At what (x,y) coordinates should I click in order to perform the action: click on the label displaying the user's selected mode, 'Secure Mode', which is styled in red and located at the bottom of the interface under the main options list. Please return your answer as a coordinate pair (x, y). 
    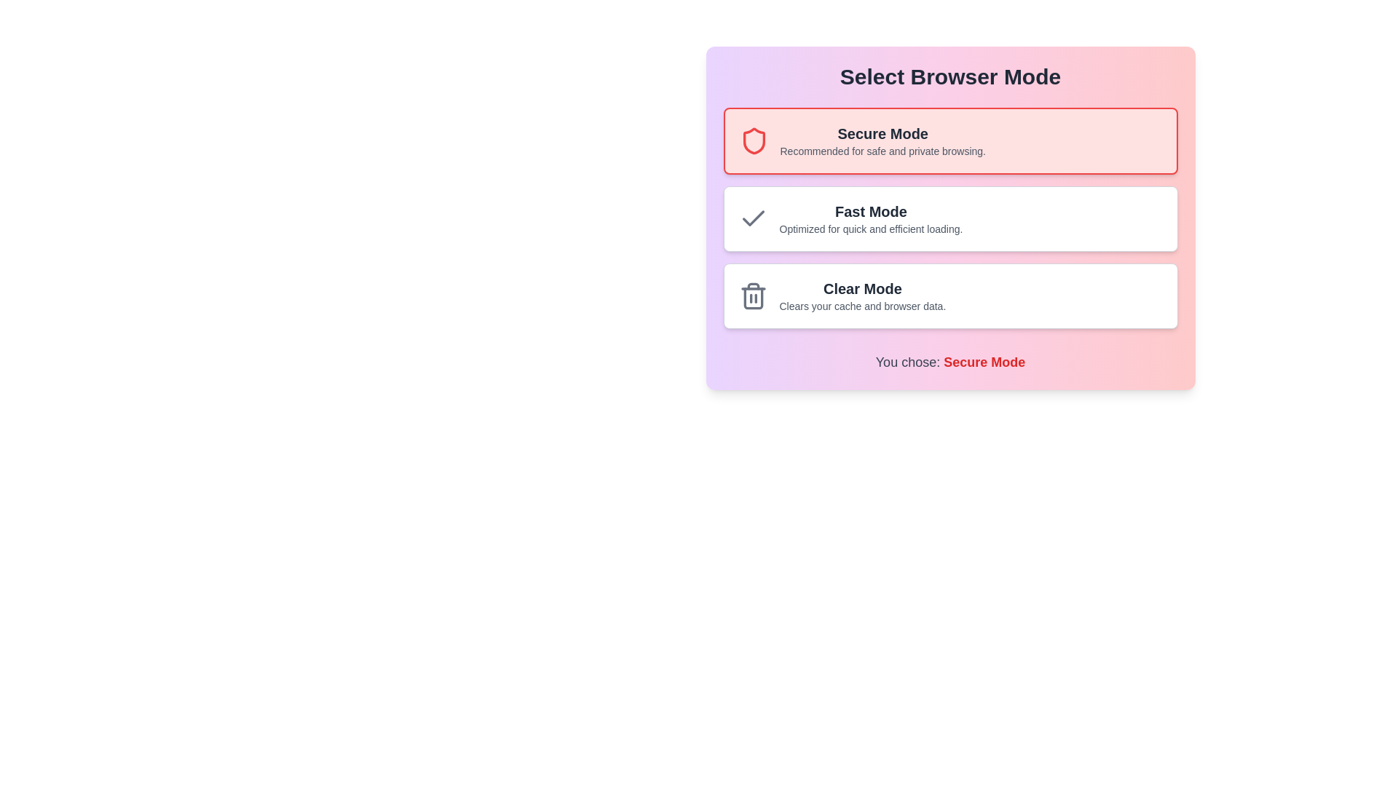
    Looking at the image, I should click on (984, 361).